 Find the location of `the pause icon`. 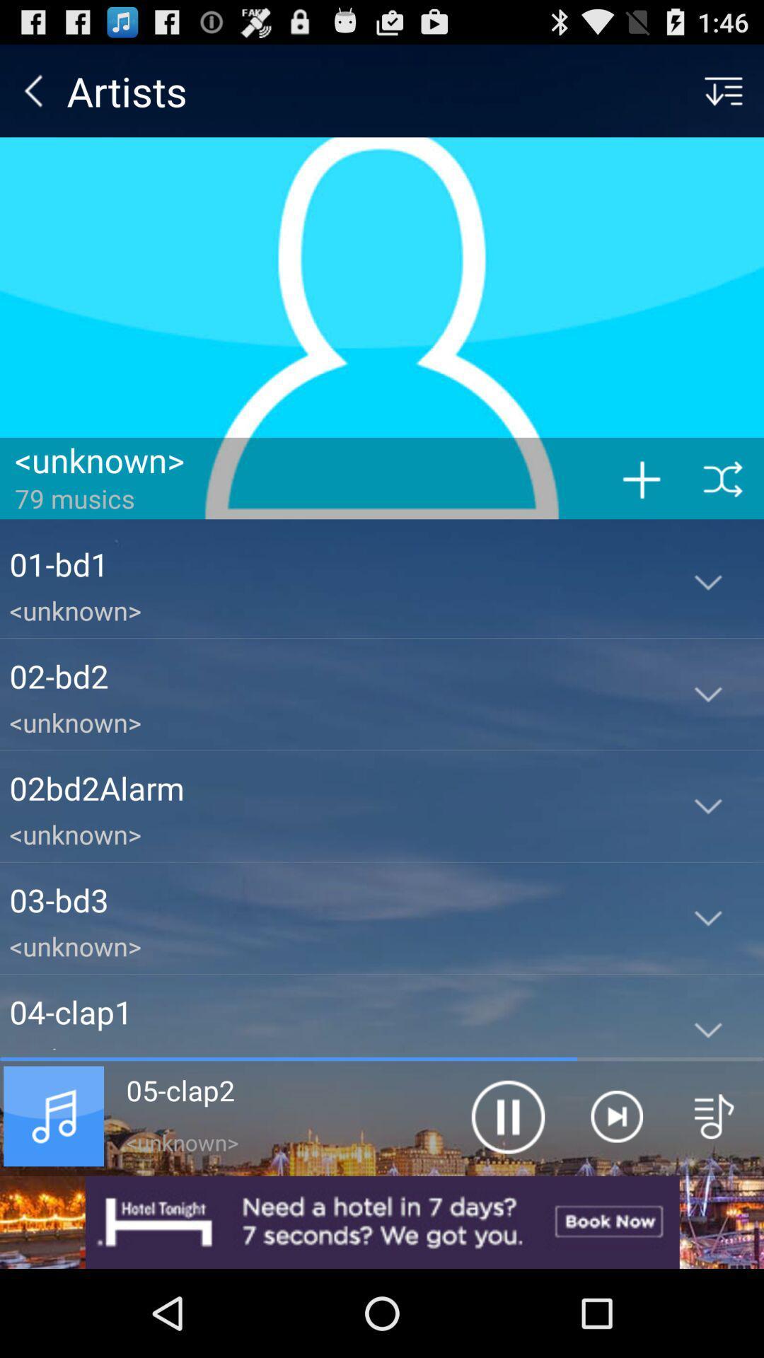

the pause icon is located at coordinates (507, 1194).